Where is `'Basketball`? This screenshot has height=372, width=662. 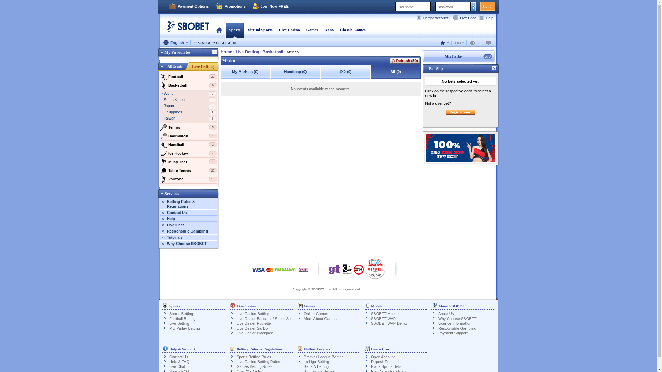
'Basketball is located at coordinates (188, 85).